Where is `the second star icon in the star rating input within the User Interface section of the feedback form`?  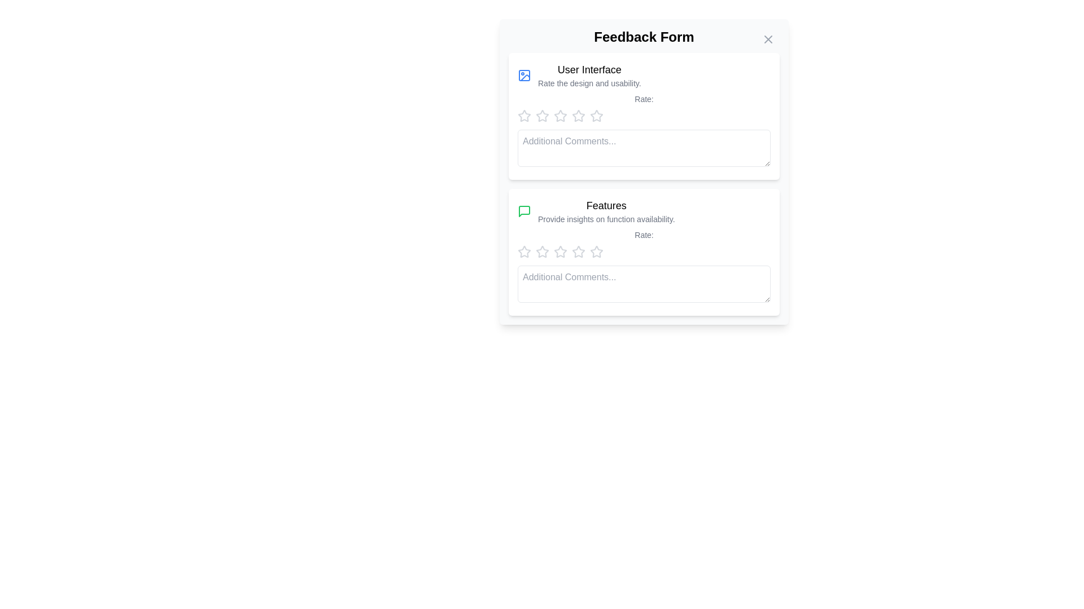 the second star icon in the star rating input within the User Interface section of the feedback form is located at coordinates (542, 116).